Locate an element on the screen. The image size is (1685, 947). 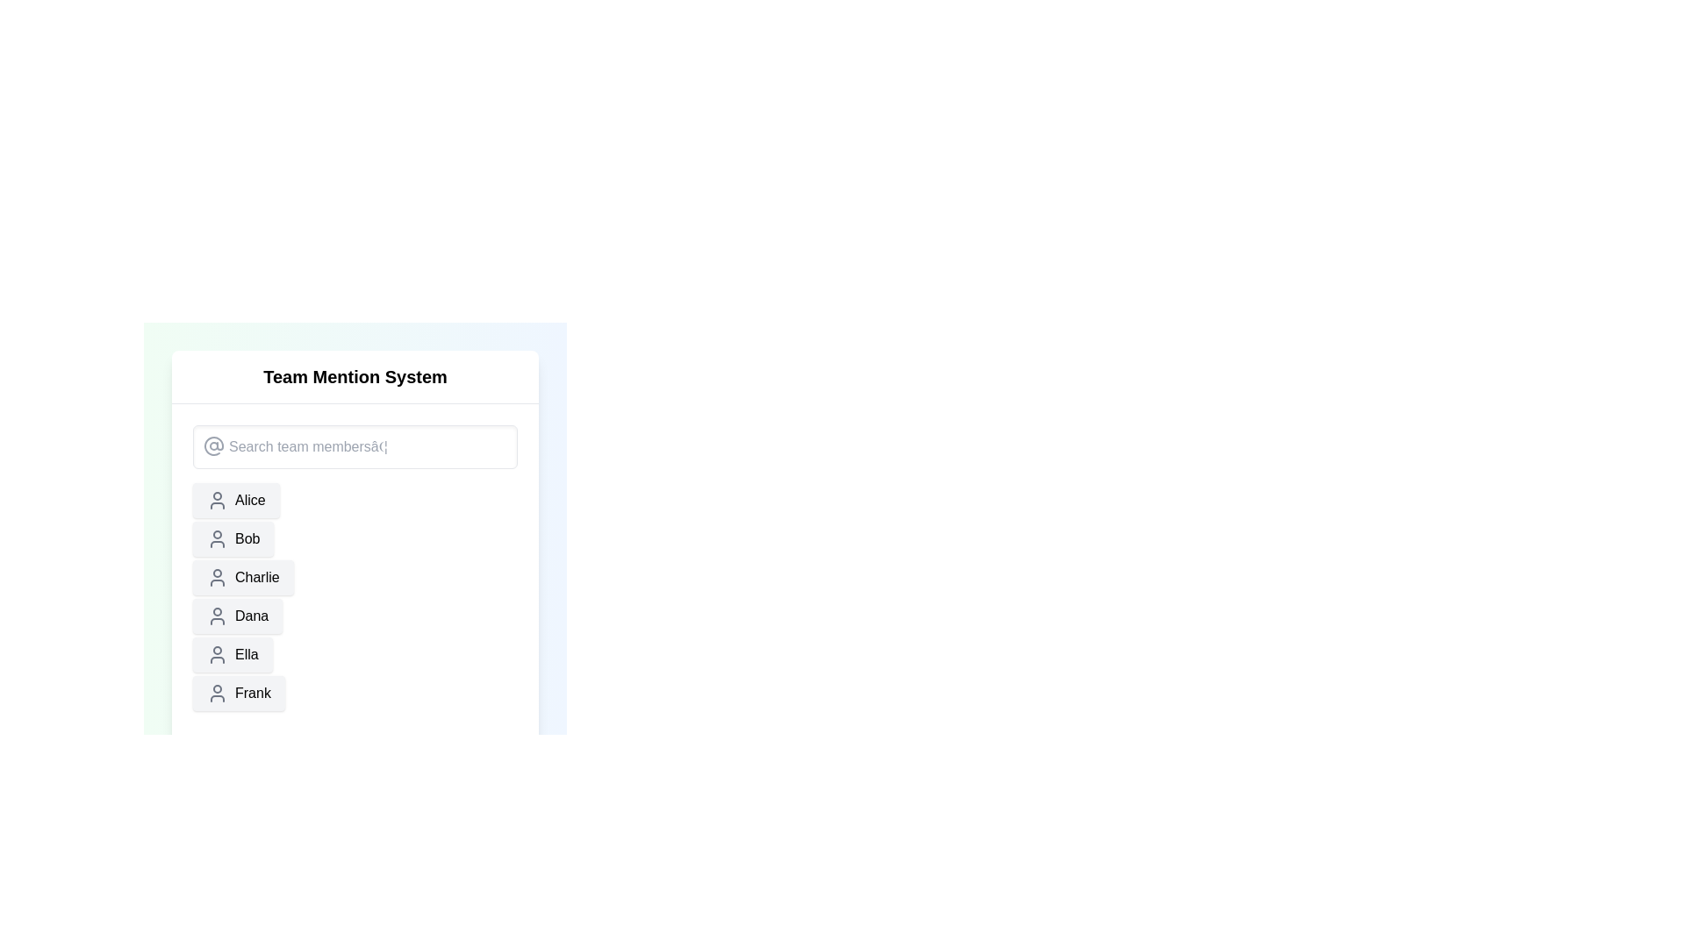
the Text Input Field for team member search in the 'Team Mention System' is located at coordinates (354, 445).